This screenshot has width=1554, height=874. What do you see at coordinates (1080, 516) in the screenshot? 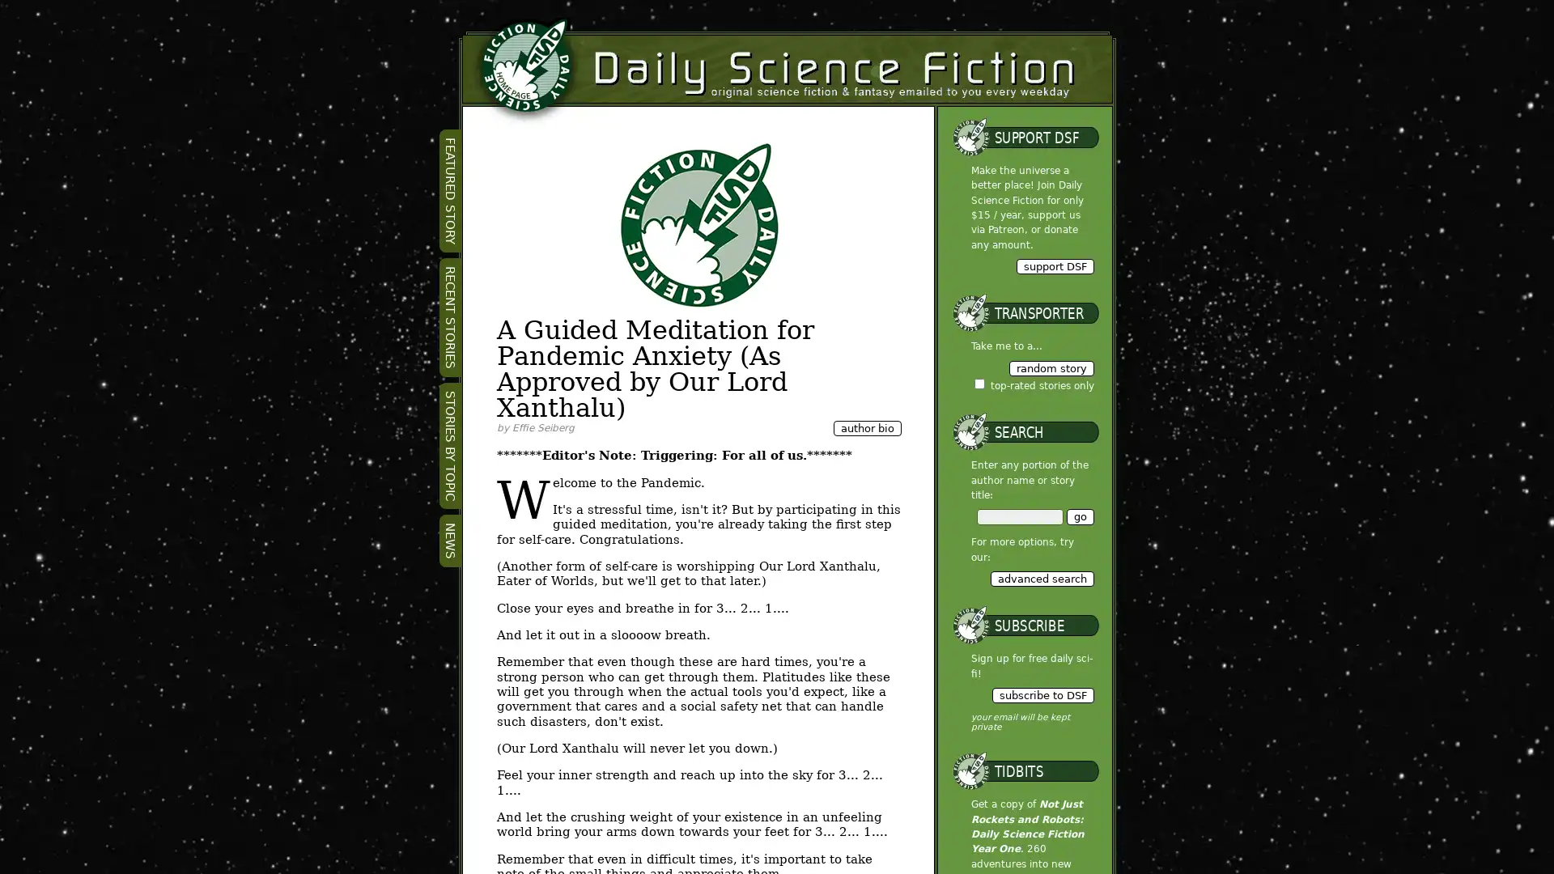
I see `go` at bounding box center [1080, 516].